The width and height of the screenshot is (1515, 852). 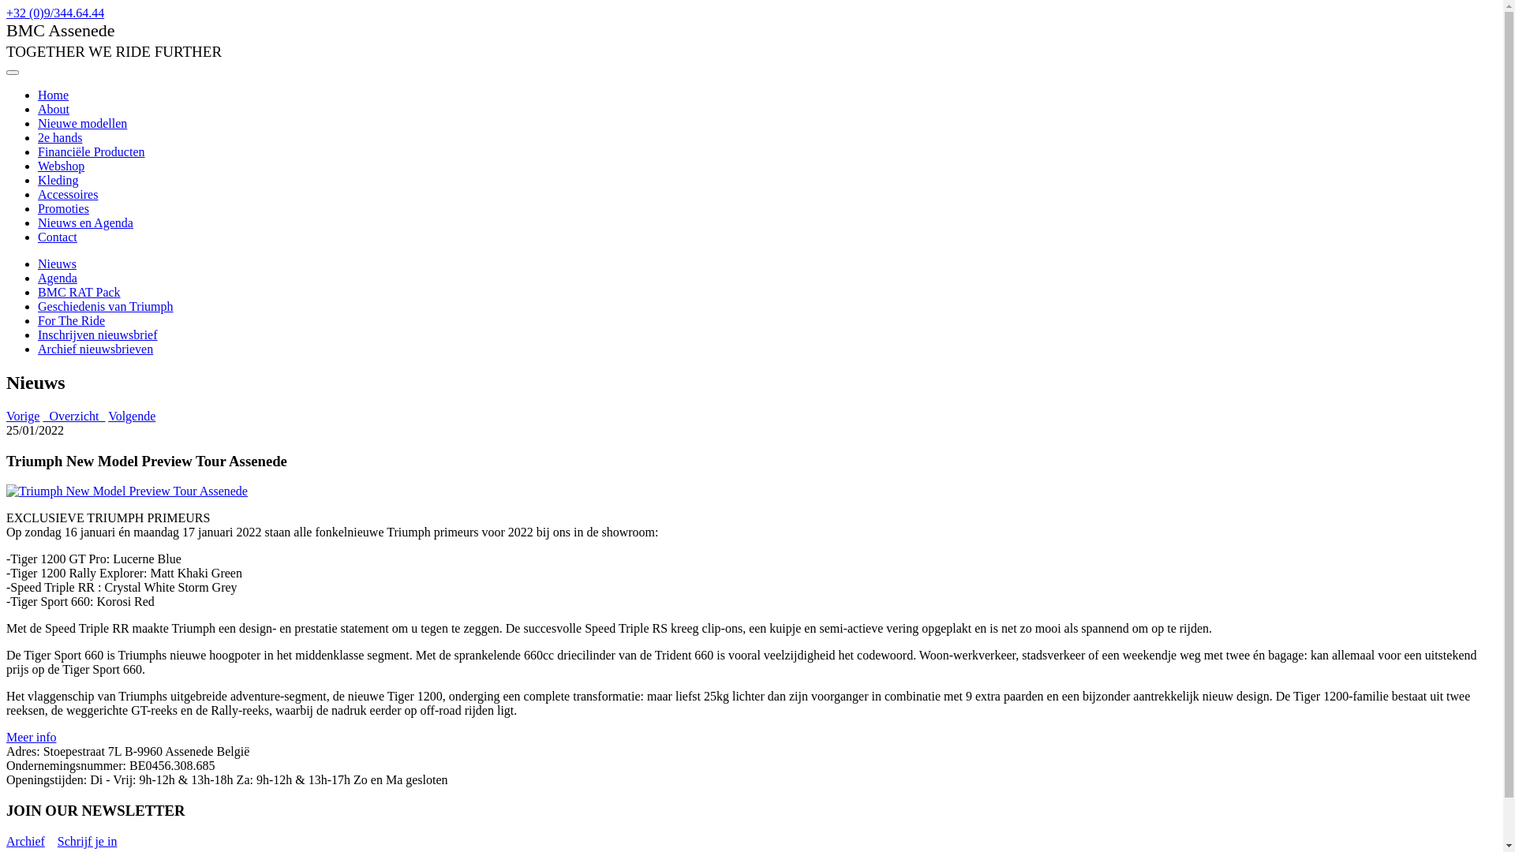 I want to click on 'Meer info', so click(x=31, y=737).